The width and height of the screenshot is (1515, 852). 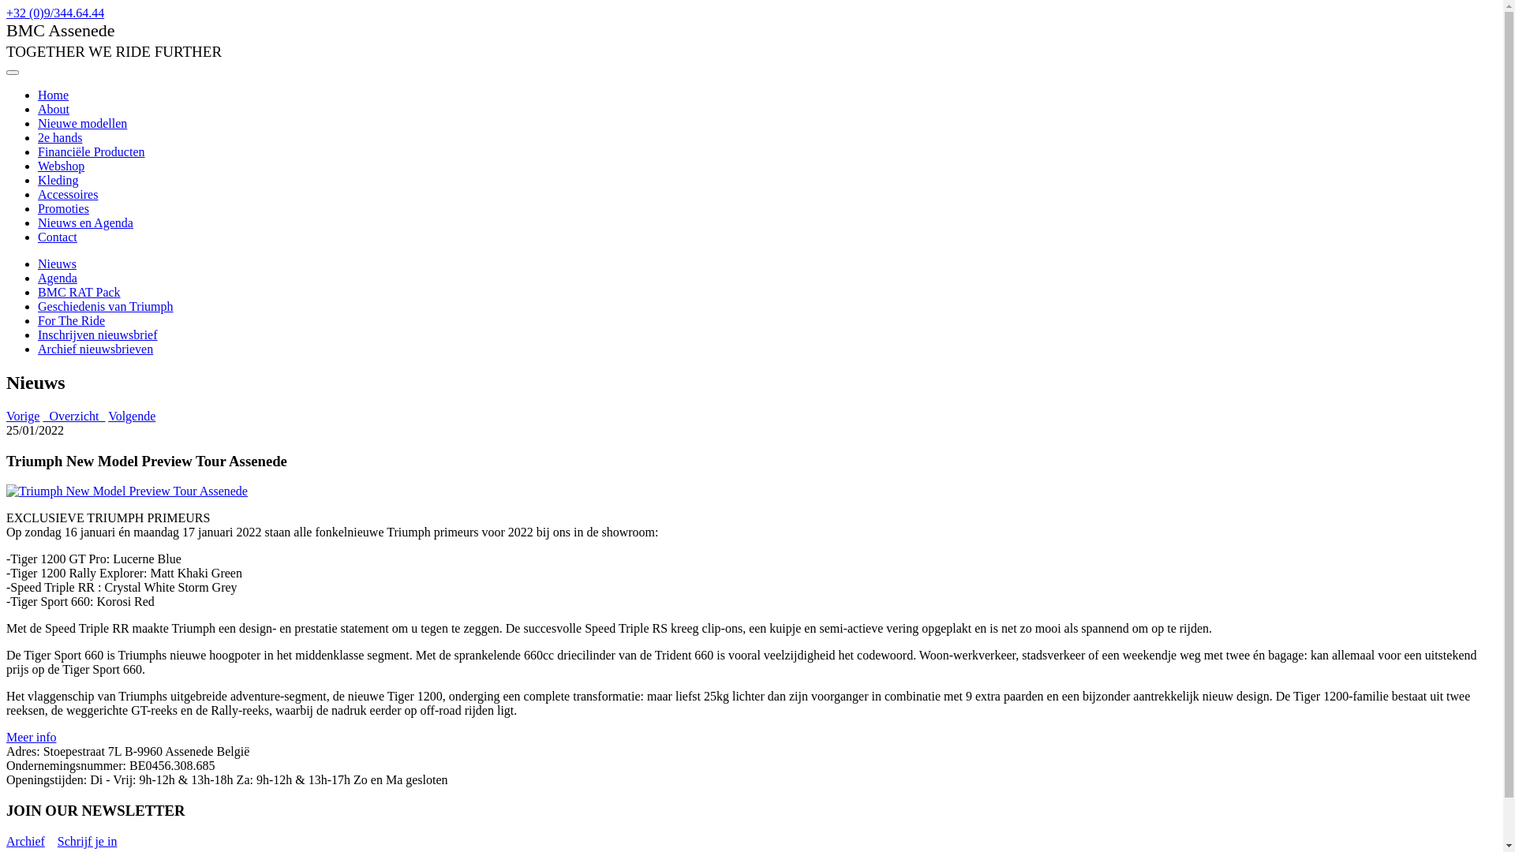 I want to click on 'Meer info', so click(x=31, y=737).